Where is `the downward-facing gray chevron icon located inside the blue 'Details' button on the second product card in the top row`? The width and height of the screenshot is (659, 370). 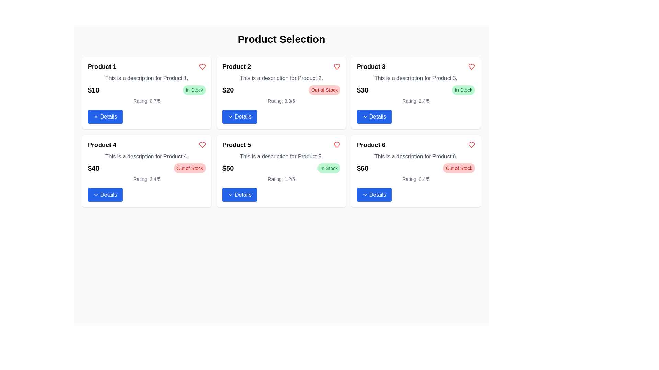 the downward-facing gray chevron icon located inside the blue 'Details' button on the second product card in the top row is located at coordinates (231, 116).